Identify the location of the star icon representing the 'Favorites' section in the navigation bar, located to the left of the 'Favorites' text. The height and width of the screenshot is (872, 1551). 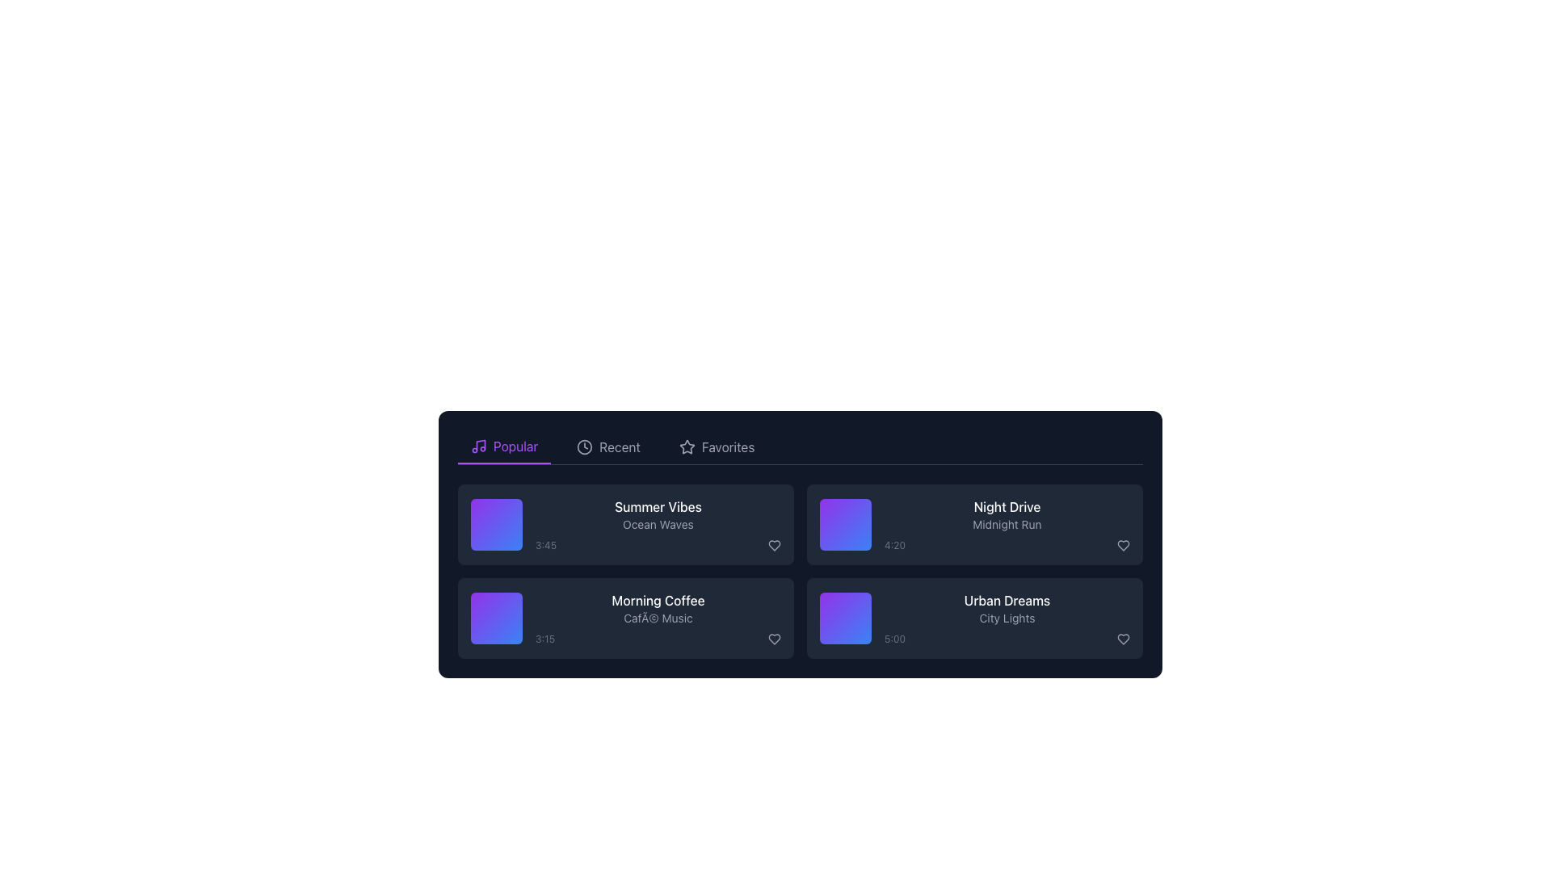
(687, 447).